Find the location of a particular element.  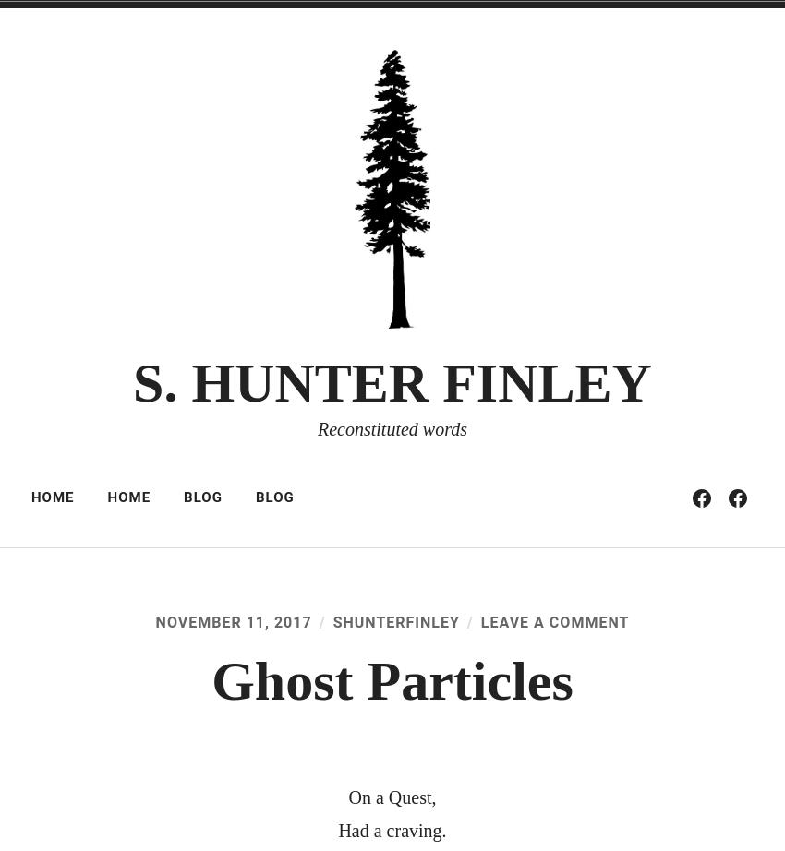

'On a Quest,' is located at coordinates (346, 797).